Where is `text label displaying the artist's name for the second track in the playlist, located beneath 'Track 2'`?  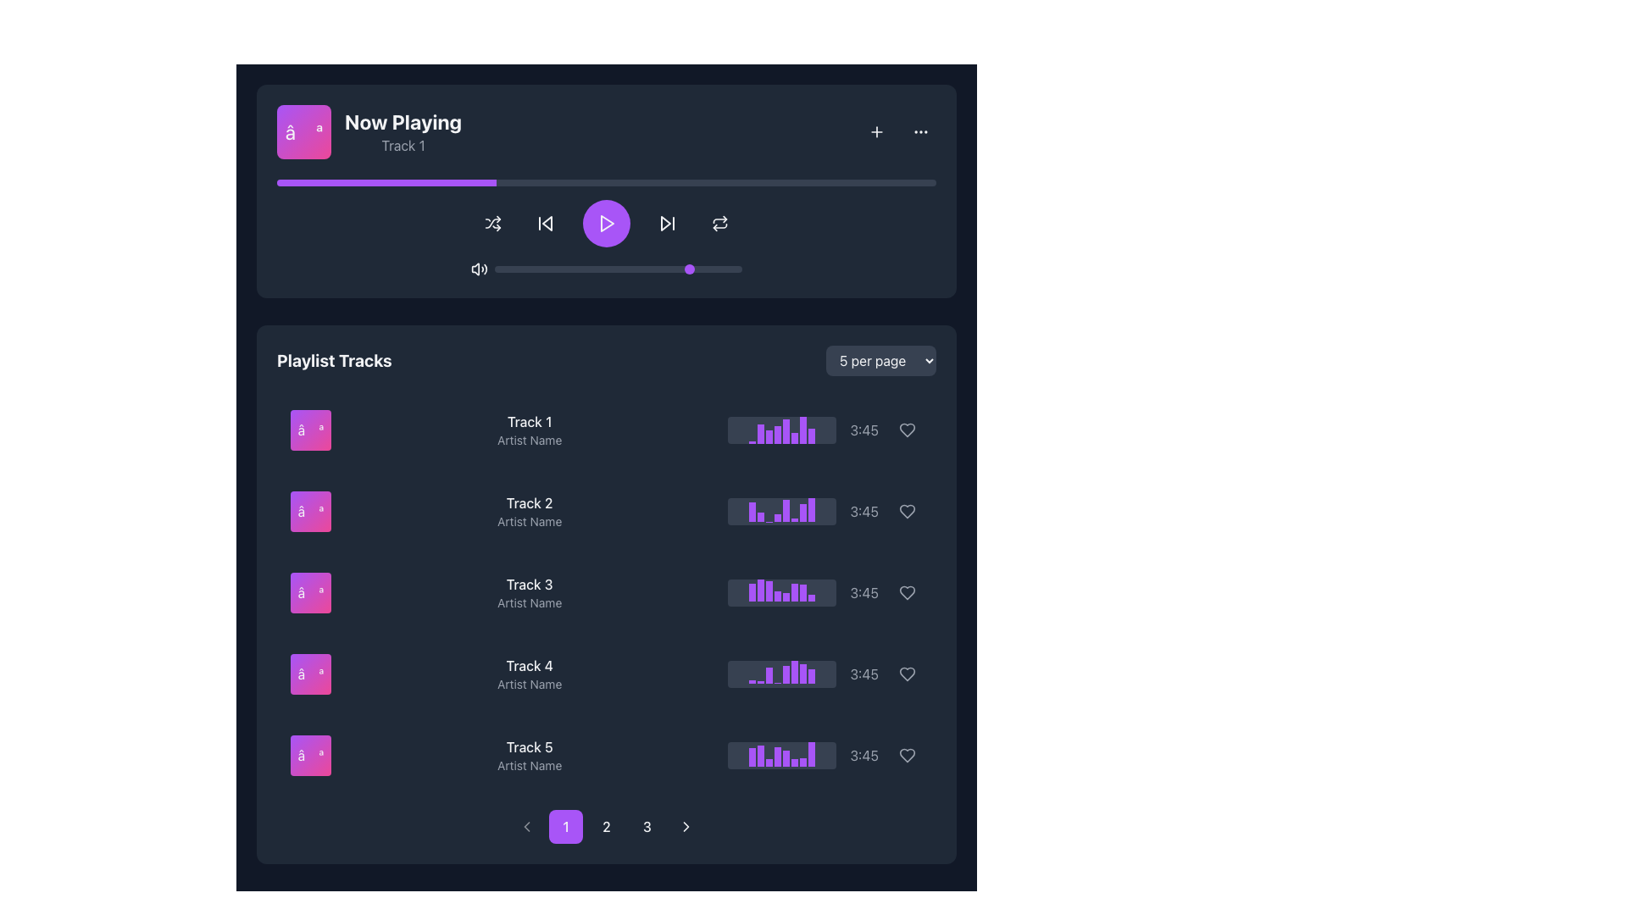
text label displaying the artist's name for the second track in the playlist, located beneath 'Track 2' is located at coordinates (529, 521).